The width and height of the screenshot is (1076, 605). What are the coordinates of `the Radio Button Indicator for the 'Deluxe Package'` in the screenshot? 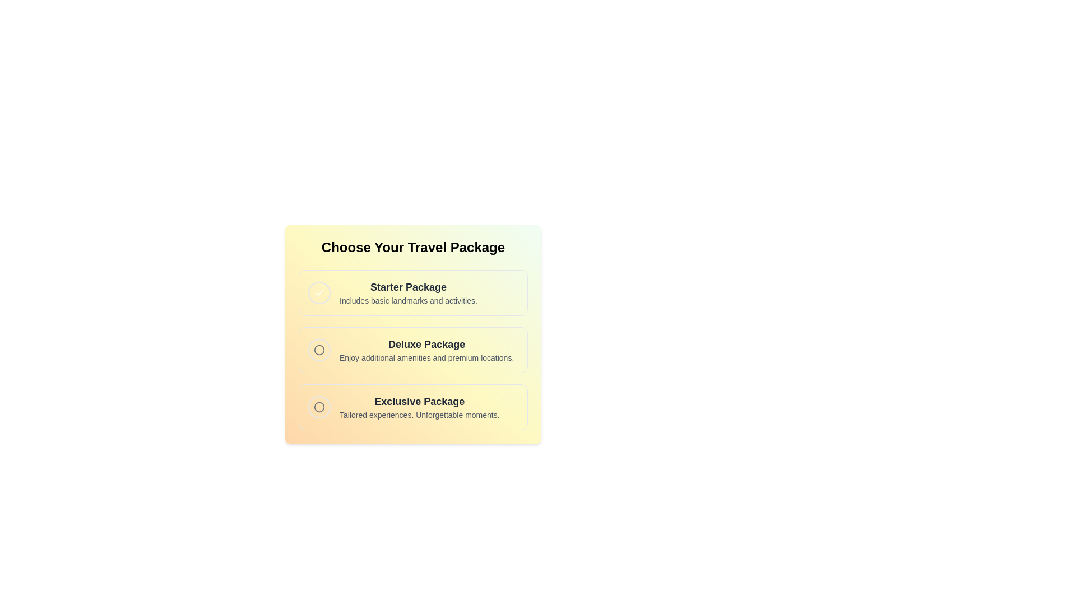 It's located at (319, 349).